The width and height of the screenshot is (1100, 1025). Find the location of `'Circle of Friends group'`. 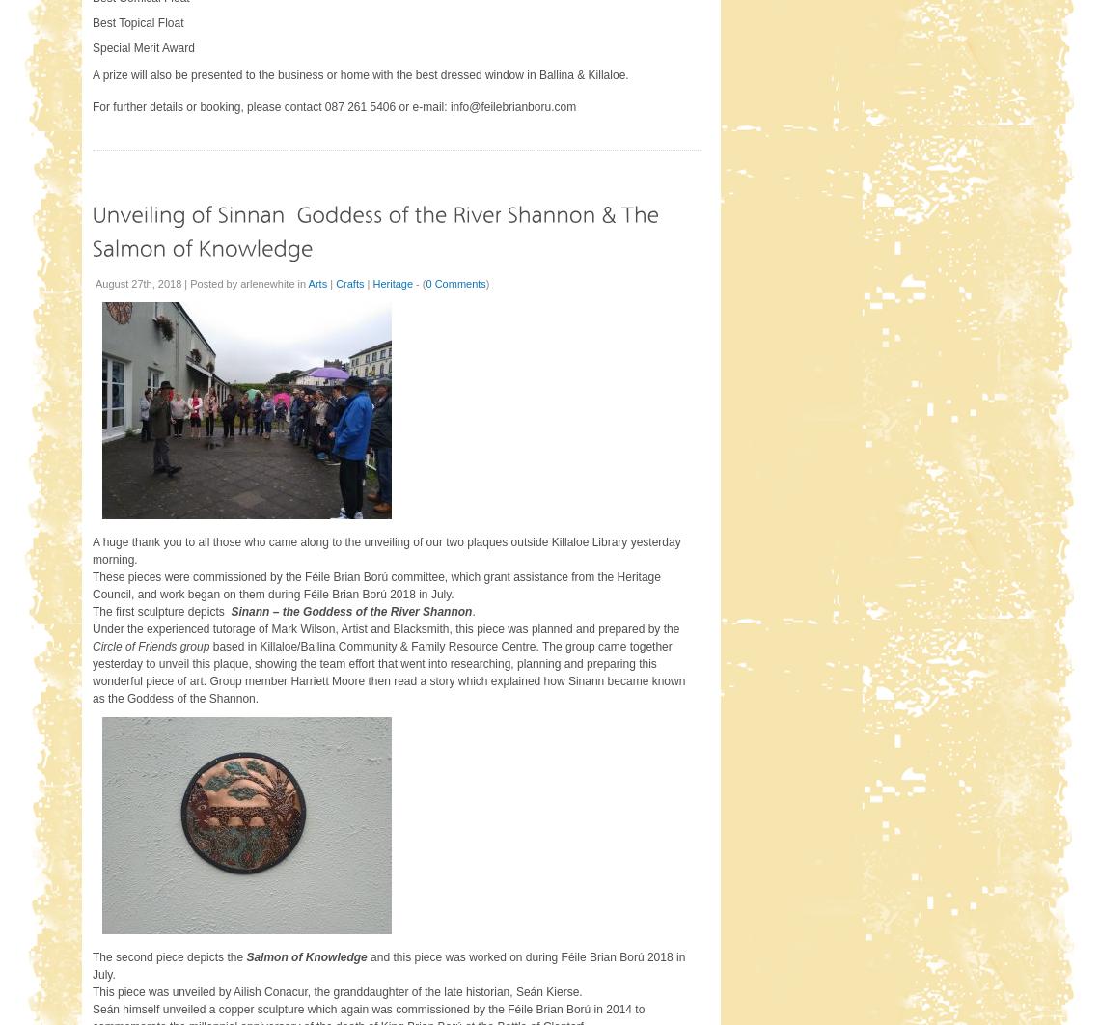

'Circle of Friends group' is located at coordinates (91, 645).